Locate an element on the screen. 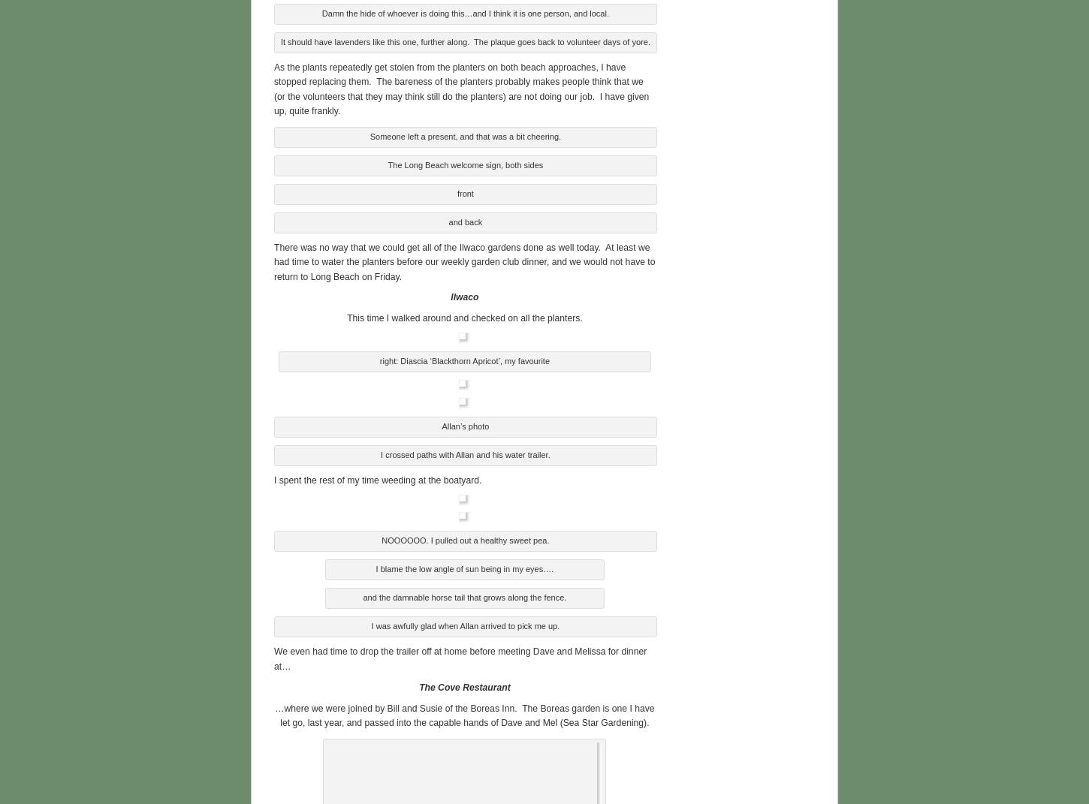 Image resolution: width=1089 pixels, height=804 pixels. 'We even had time to drop the trailer off at home before meeting Dave and Melissa for dinner at…' is located at coordinates (460, 657).